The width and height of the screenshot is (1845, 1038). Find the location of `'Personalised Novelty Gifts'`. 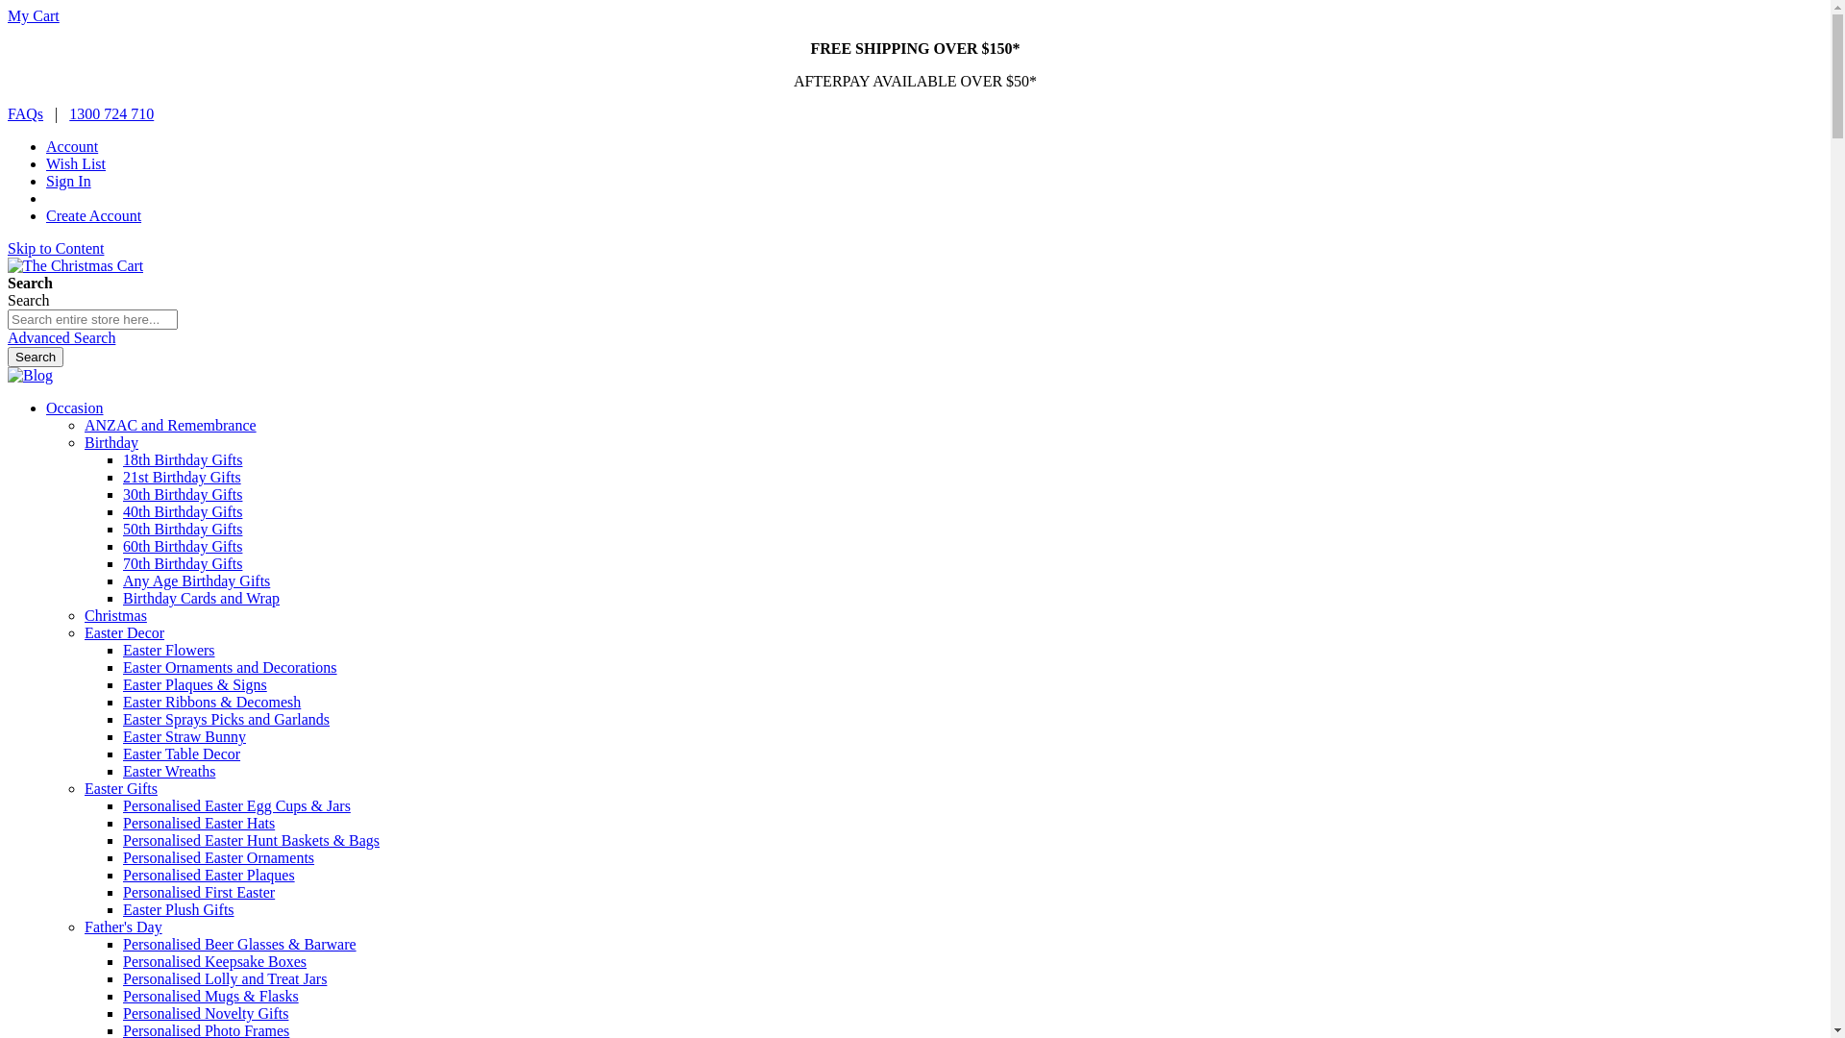

'Personalised Novelty Gifts' is located at coordinates (206, 1012).